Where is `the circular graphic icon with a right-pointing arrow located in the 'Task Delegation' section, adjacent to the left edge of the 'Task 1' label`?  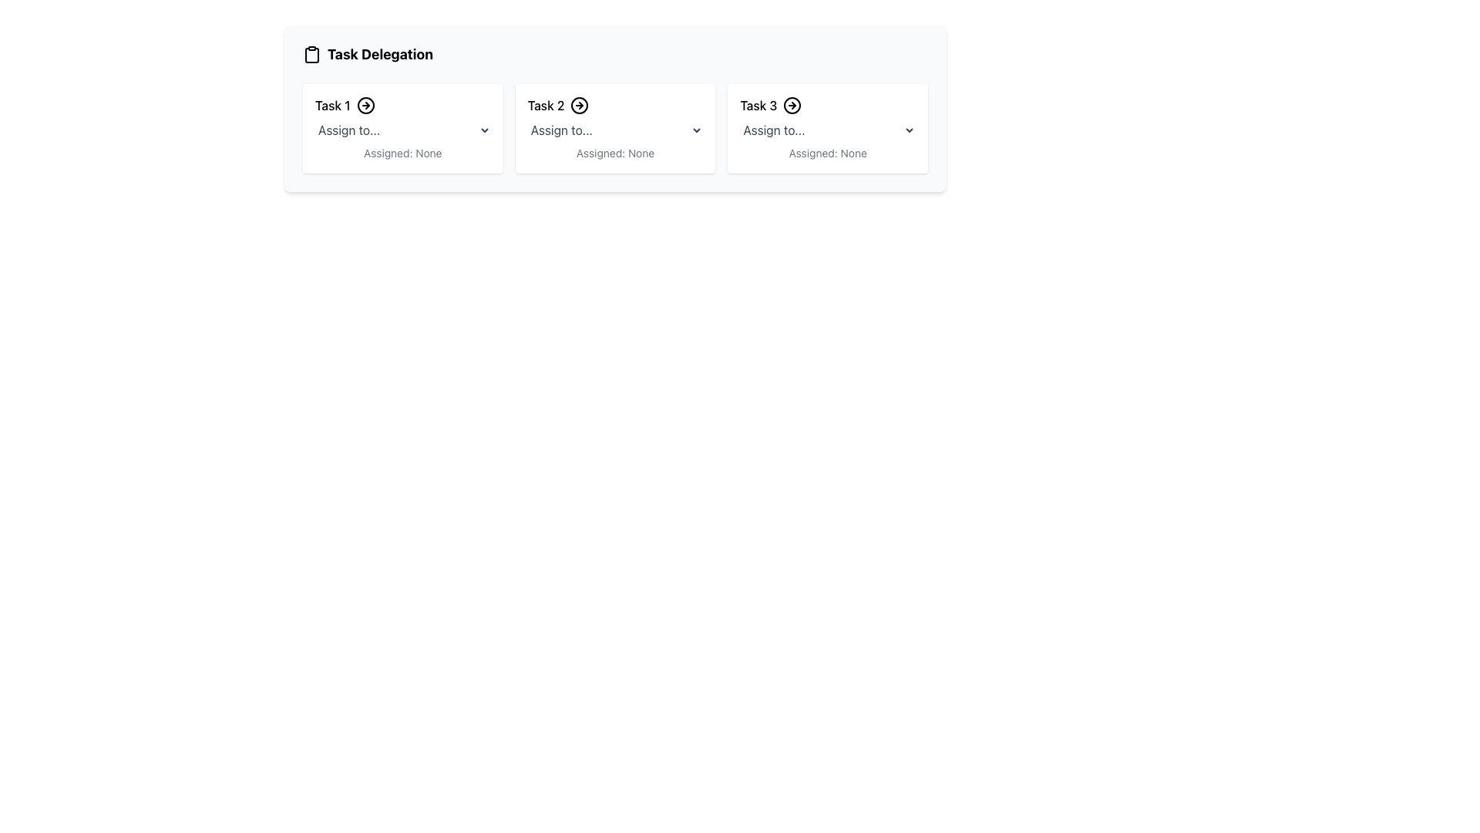
the circular graphic icon with a right-pointing arrow located in the 'Task Delegation' section, adjacent to the left edge of the 'Task 1' label is located at coordinates (365, 105).